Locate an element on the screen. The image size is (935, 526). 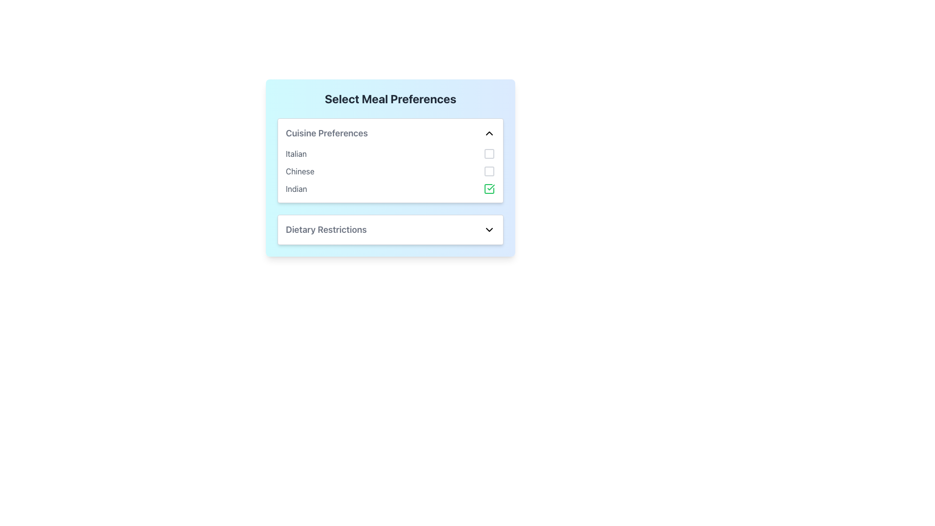
the text label reading 'Dietary Restrictions' located within the 'Select Meal Preferences' panel is located at coordinates (326, 229).